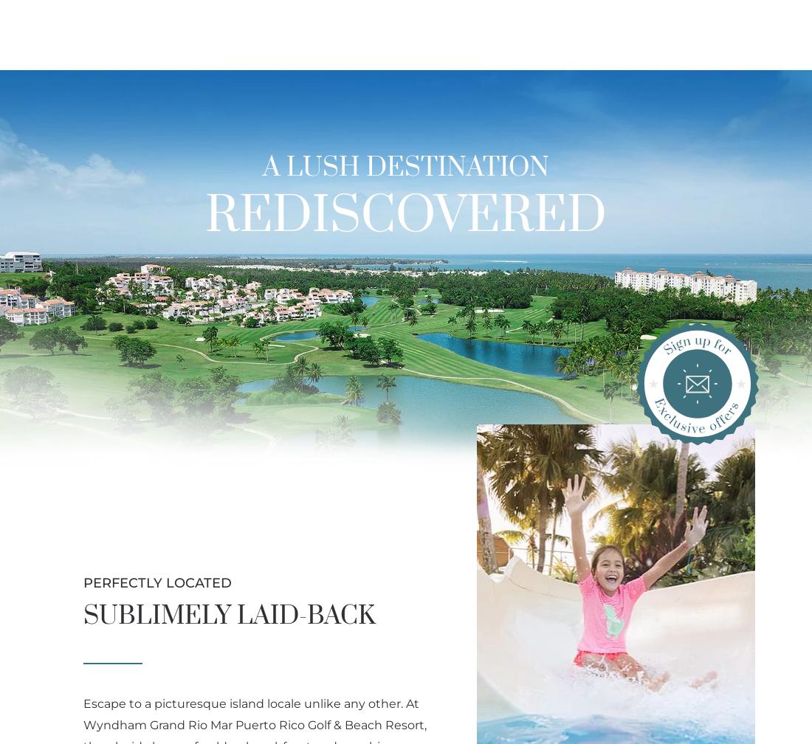 This screenshot has width=812, height=744. I want to click on 'Activities', so click(495, 44).